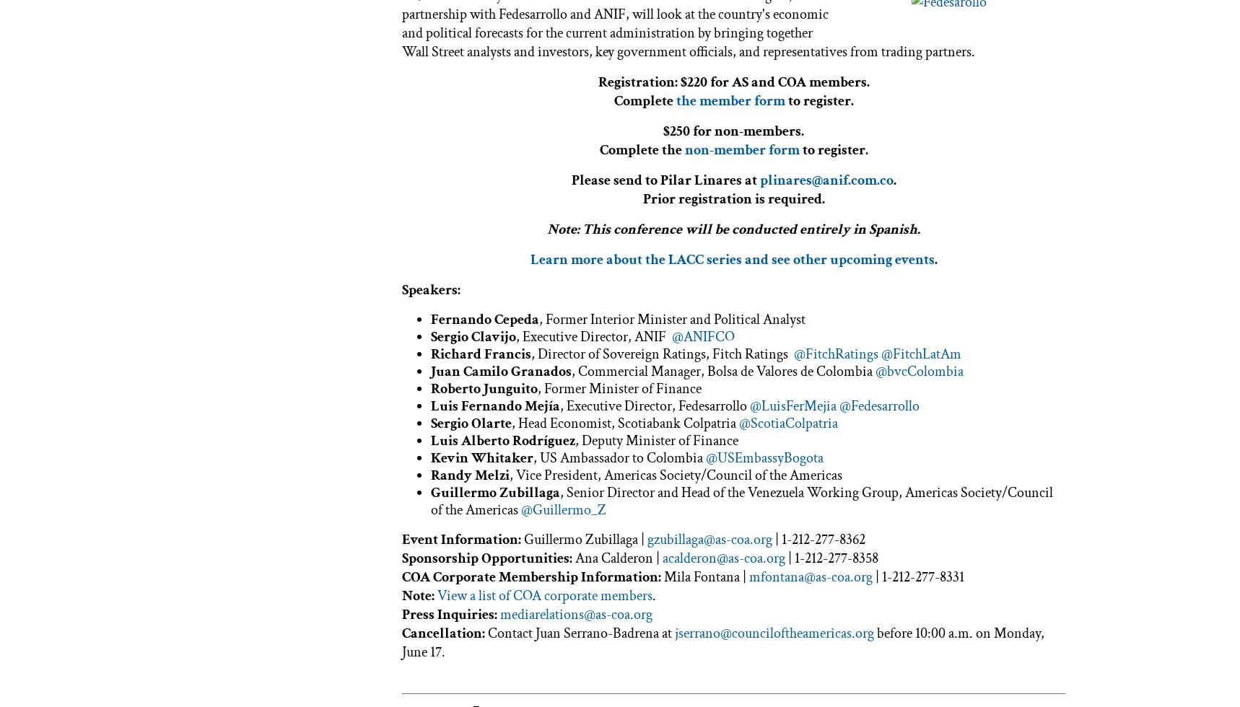 This screenshot has height=707, width=1240. I want to click on 'Complete the', so click(641, 149).